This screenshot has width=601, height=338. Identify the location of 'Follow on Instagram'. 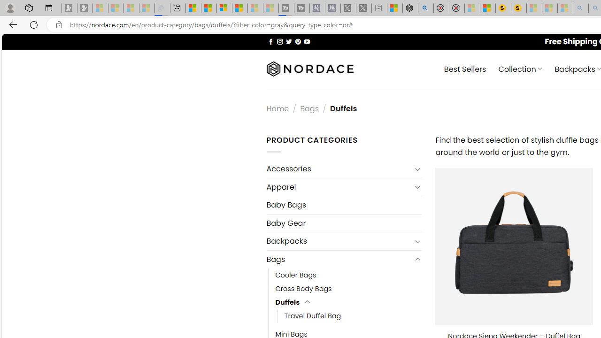
(279, 41).